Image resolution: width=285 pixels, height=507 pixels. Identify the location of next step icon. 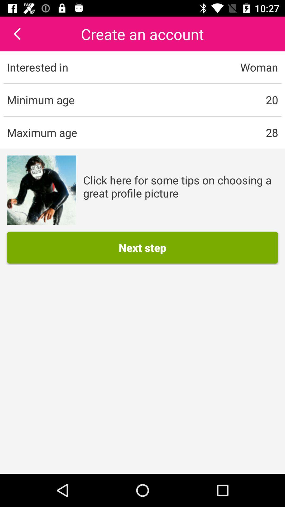
(142, 247).